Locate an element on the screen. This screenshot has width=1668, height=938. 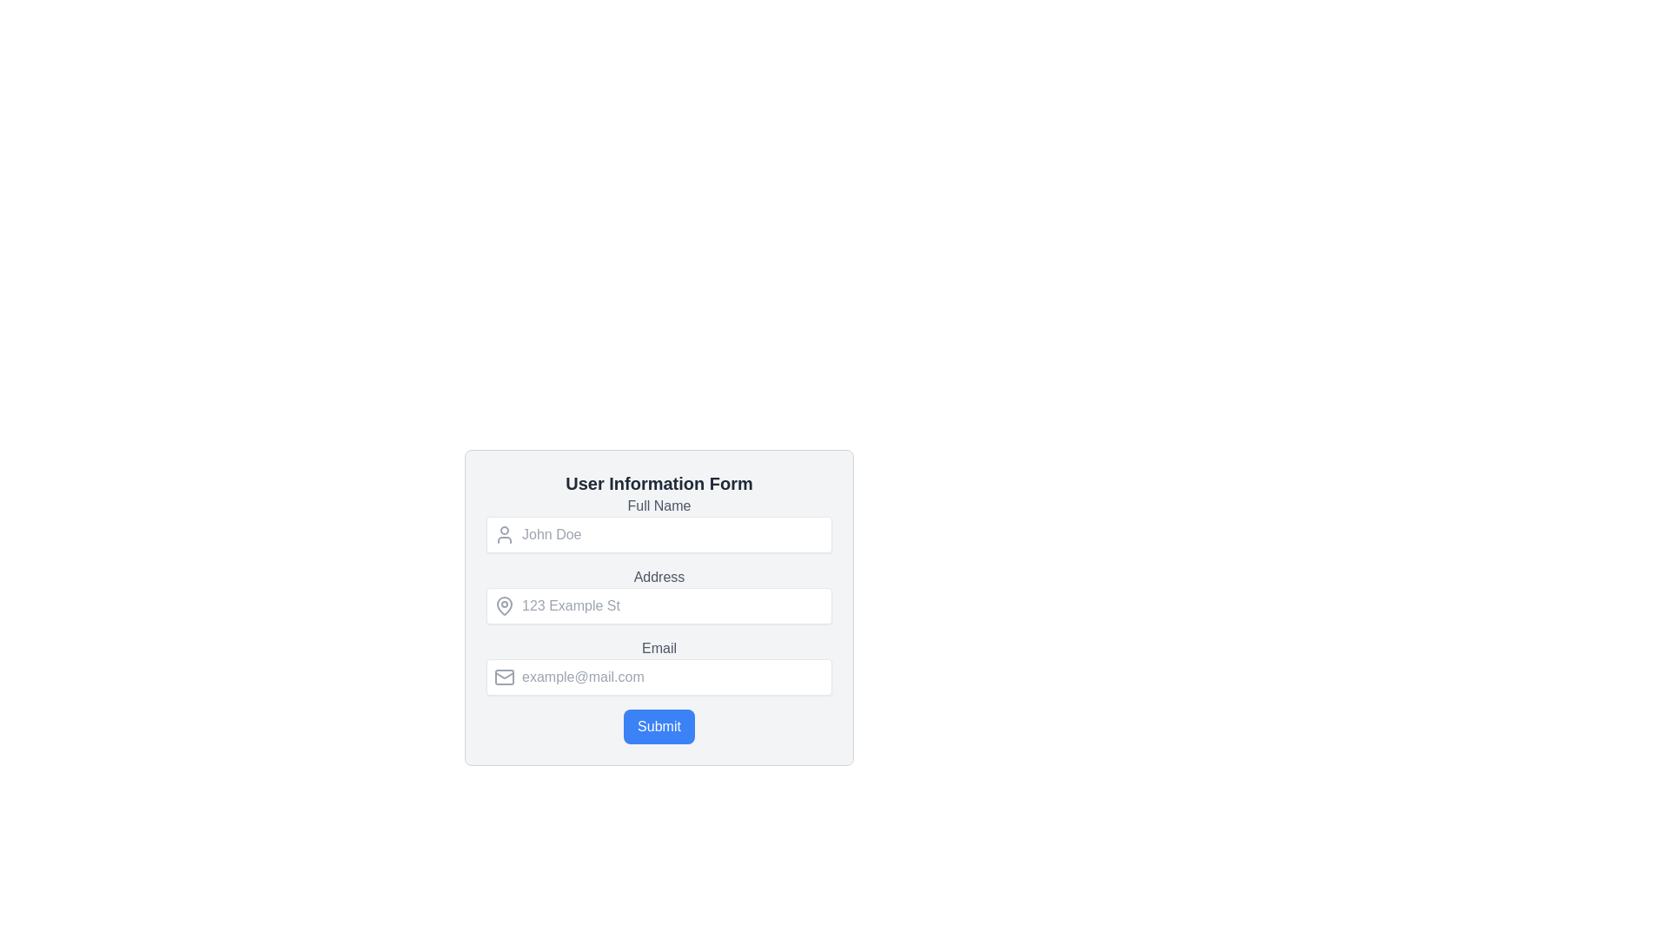
the Decorative Icon located in the 'Email' input section of the 'User Information Form', which enhances the context of the adjacent email input field is located at coordinates (503, 676).